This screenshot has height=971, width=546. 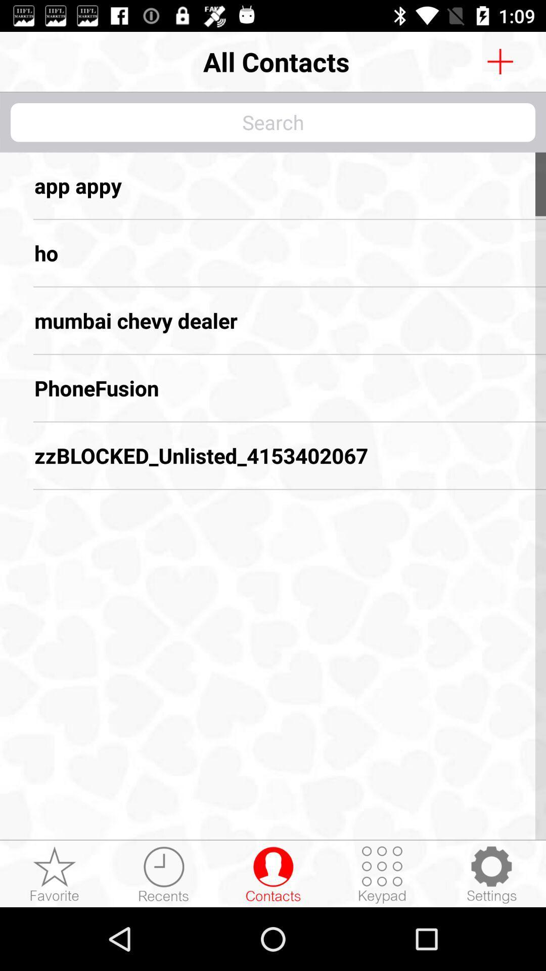 I want to click on contacts, so click(x=273, y=874).